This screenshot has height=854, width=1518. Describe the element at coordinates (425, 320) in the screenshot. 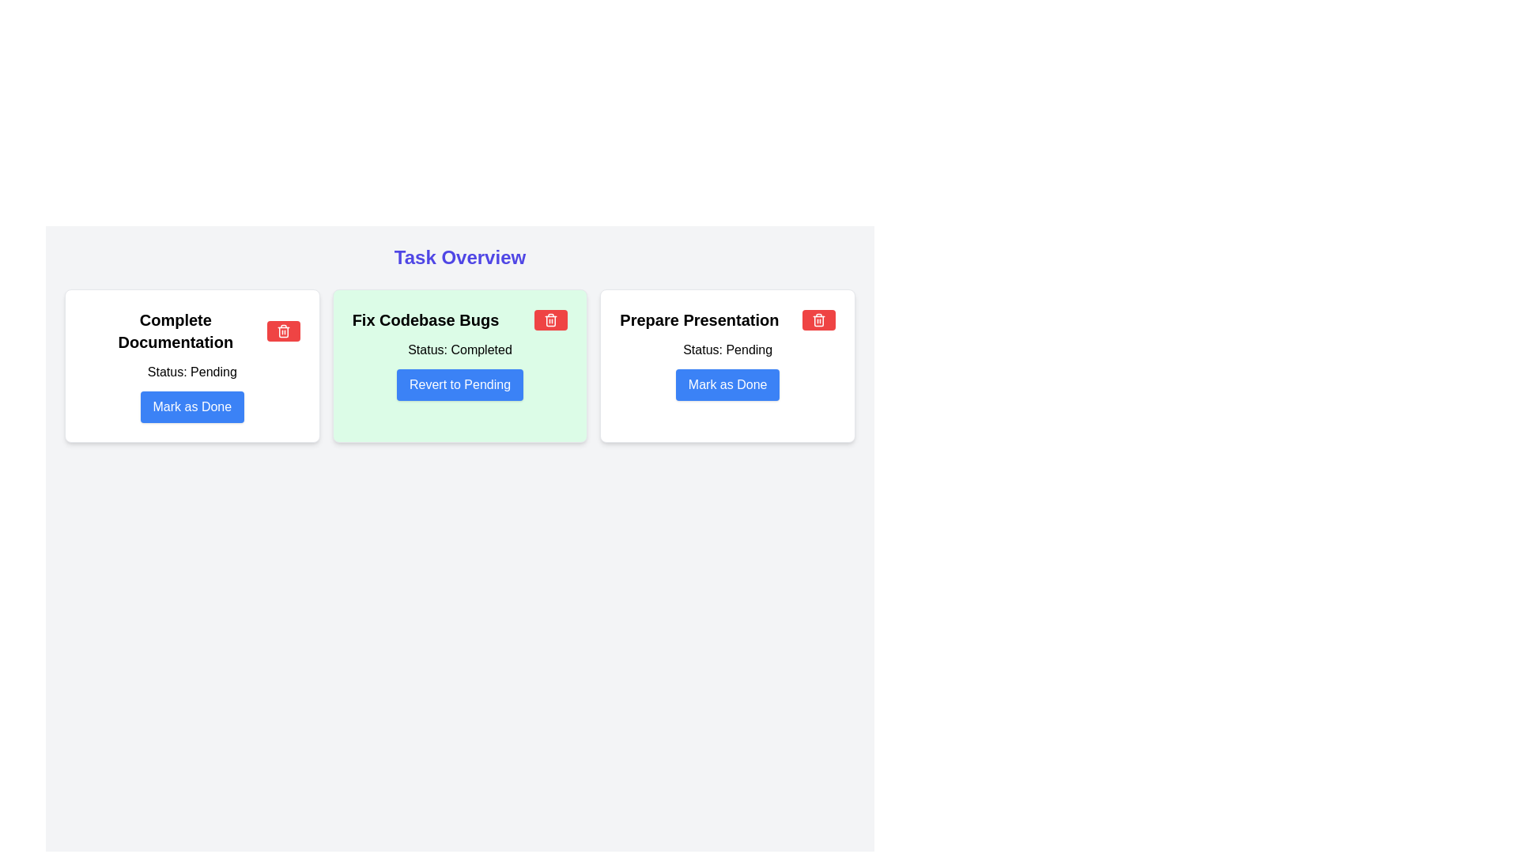

I see `the title text element of the second task card, which is located at the top-left portion of the card and serves as a descriptor for the task's content` at that location.